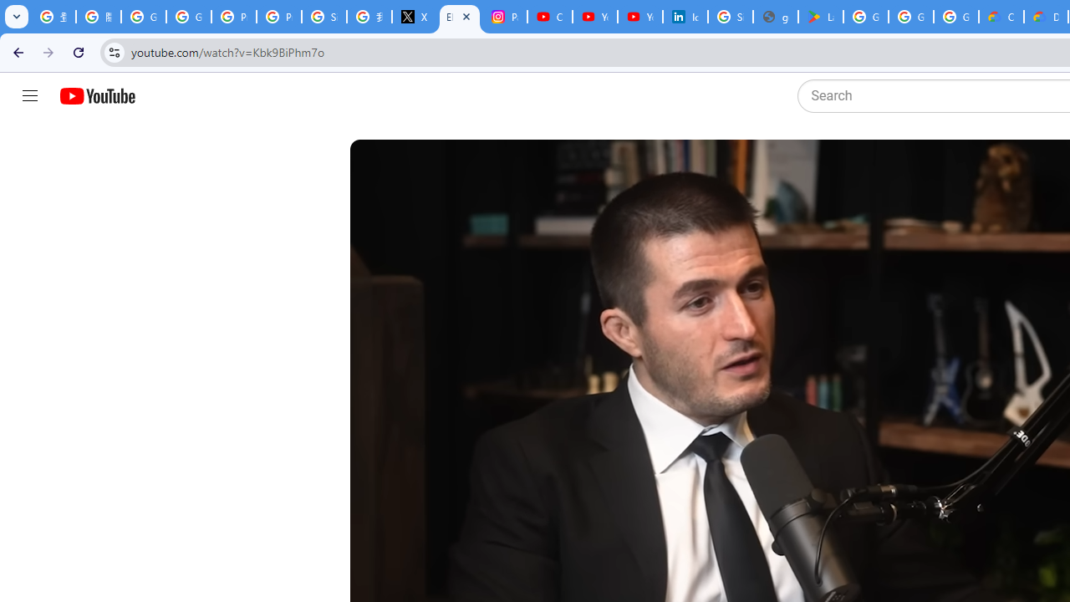 The image size is (1070, 602). I want to click on 'Customer Care | Google Cloud', so click(1001, 17).